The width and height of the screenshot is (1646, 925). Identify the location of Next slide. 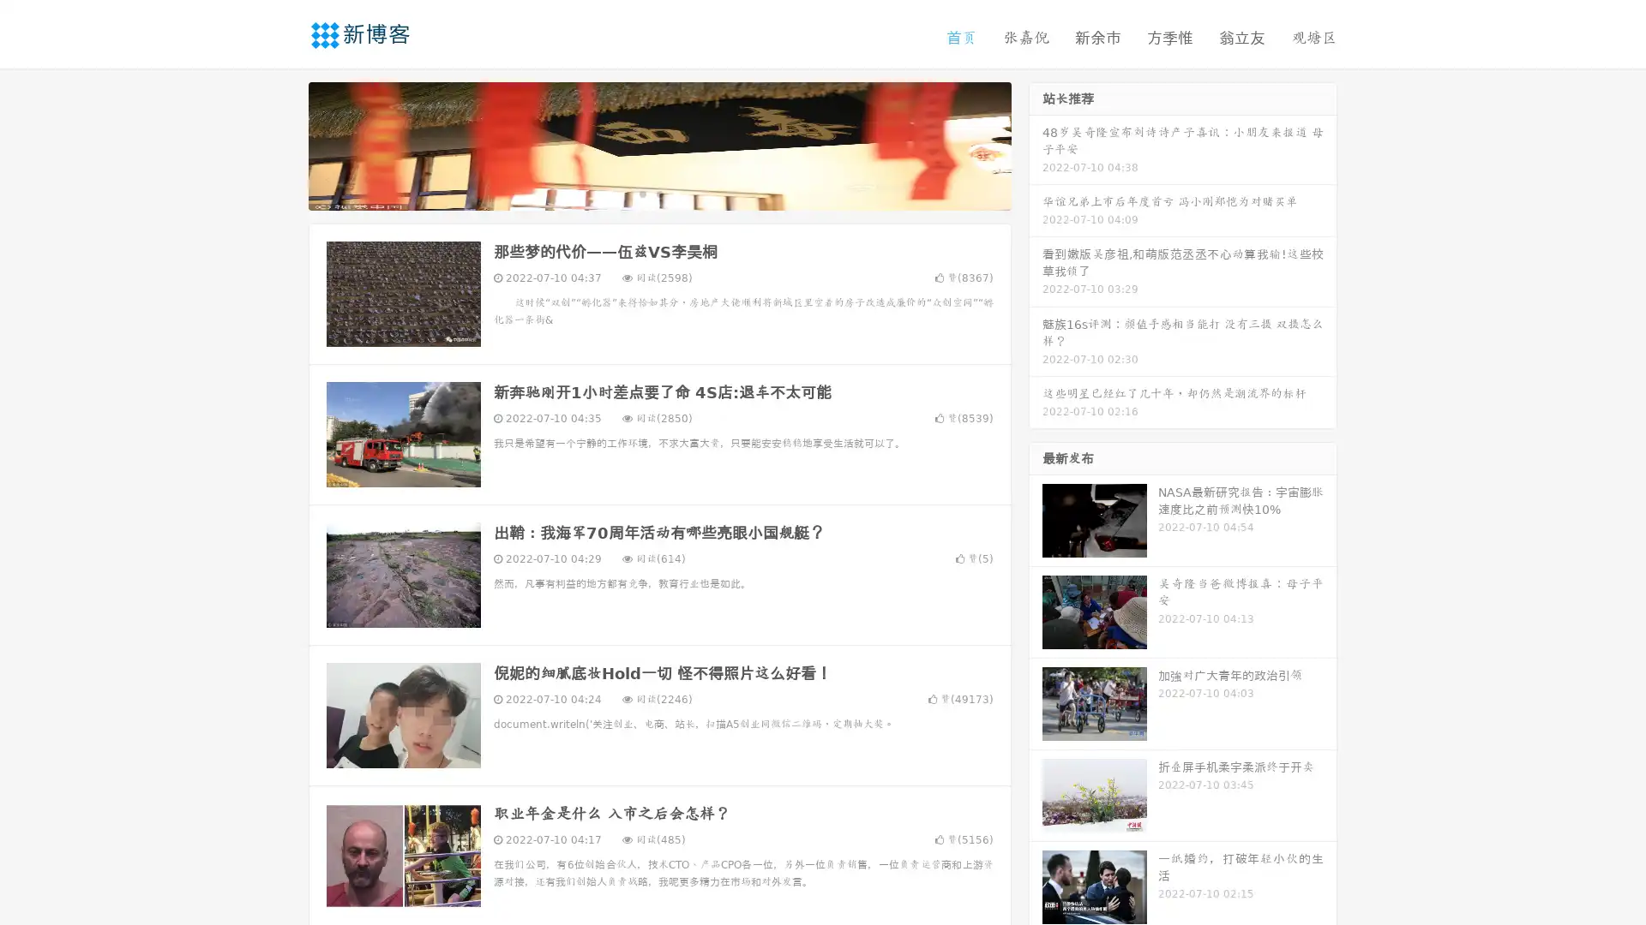
(1036, 144).